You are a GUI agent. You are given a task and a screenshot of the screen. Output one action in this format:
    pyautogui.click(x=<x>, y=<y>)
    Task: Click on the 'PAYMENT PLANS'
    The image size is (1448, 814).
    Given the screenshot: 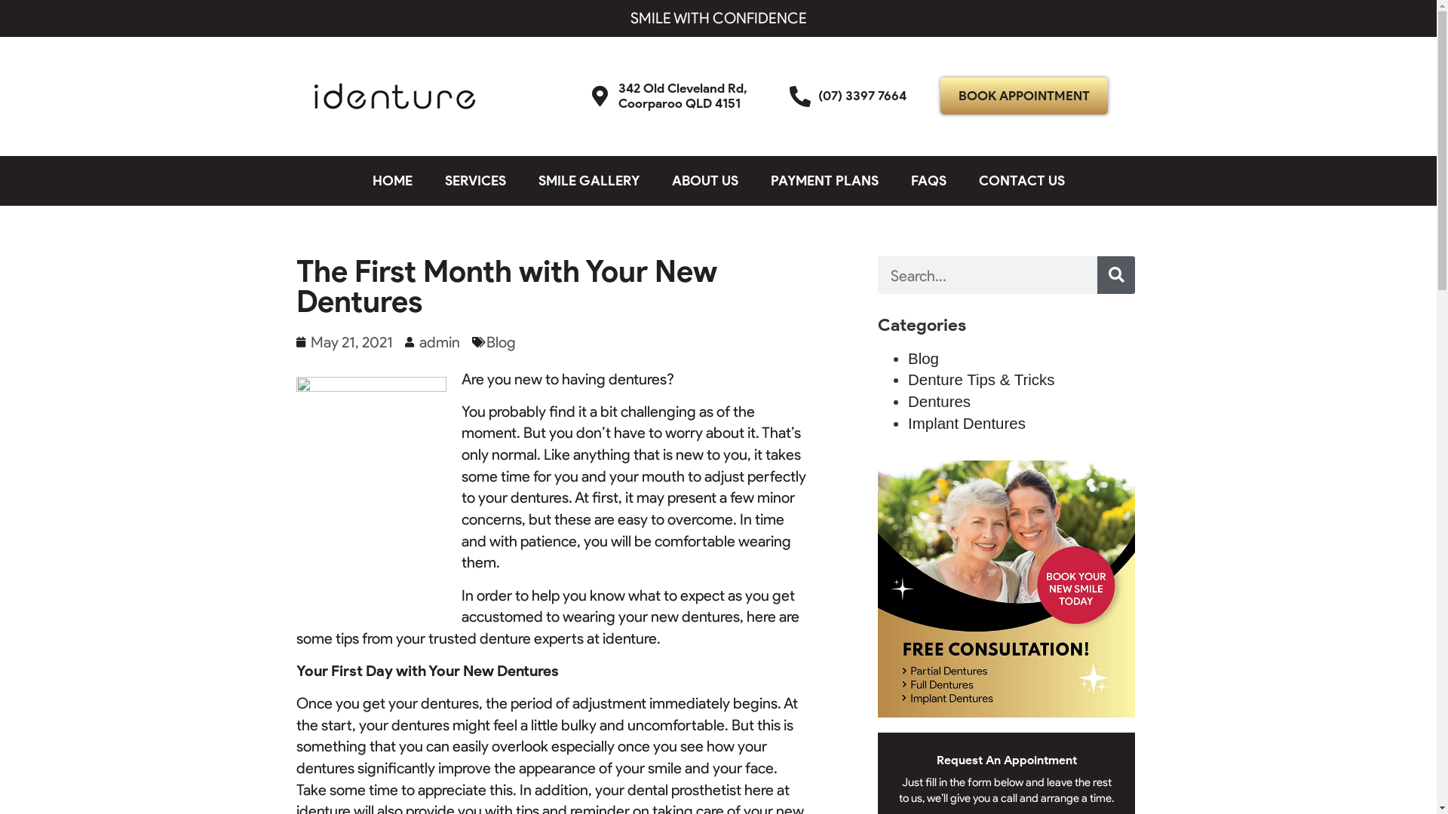 What is the action you would take?
    pyautogui.click(x=824, y=179)
    